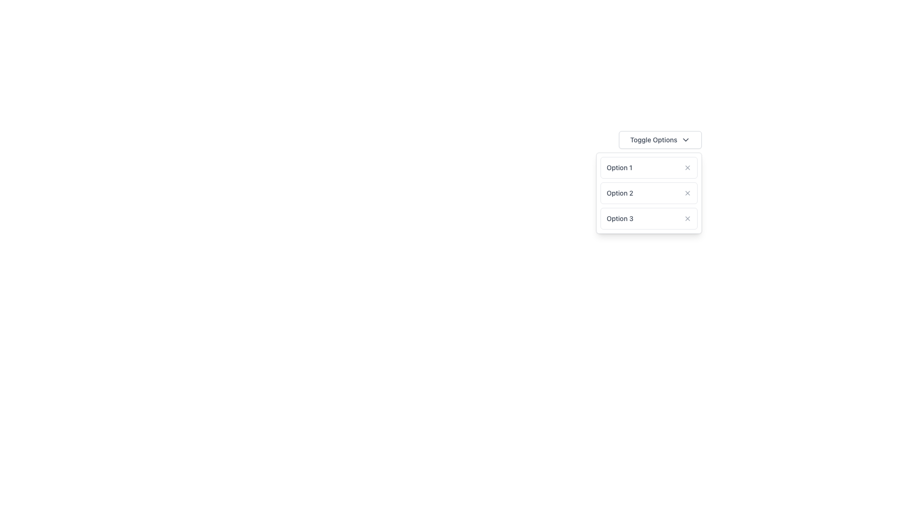  What do you see at coordinates (649, 218) in the screenshot?
I see `the selectable list item labeled 'Option 3'` at bounding box center [649, 218].